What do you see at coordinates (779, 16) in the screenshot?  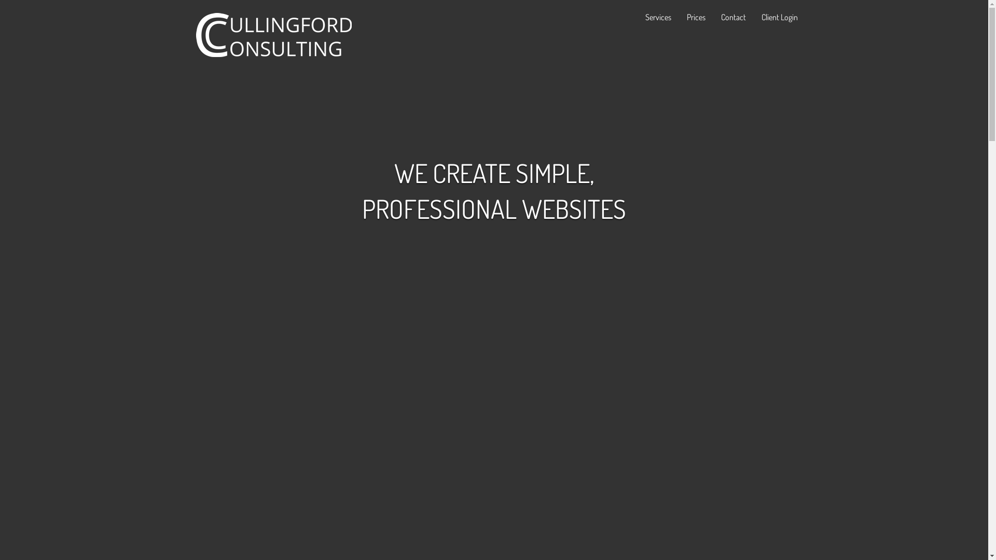 I see `'Client Login'` at bounding box center [779, 16].